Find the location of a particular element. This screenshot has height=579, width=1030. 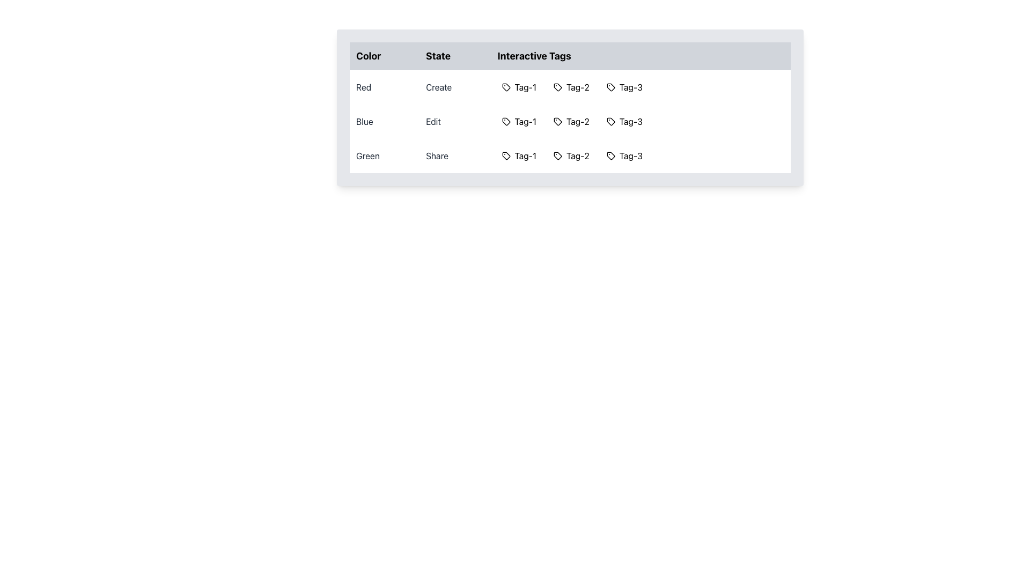

the first tag element labeled 'Tag-1' in the 'Interactive Tags' column of the 'Blue' row in the table is located at coordinates (519, 121).